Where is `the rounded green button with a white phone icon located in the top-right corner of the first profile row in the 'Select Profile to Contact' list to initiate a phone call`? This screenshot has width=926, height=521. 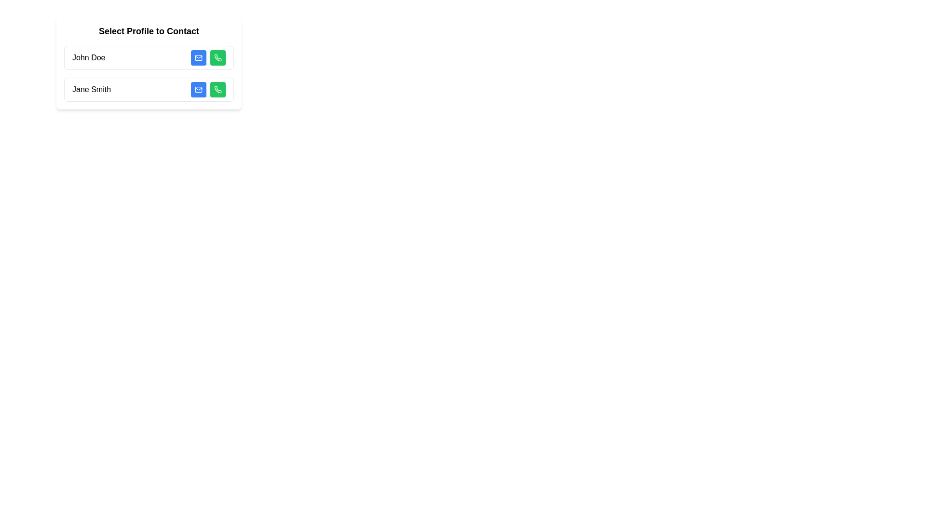 the rounded green button with a white phone icon located in the top-right corner of the first profile row in the 'Select Profile to Contact' list to initiate a phone call is located at coordinates (217, 57).